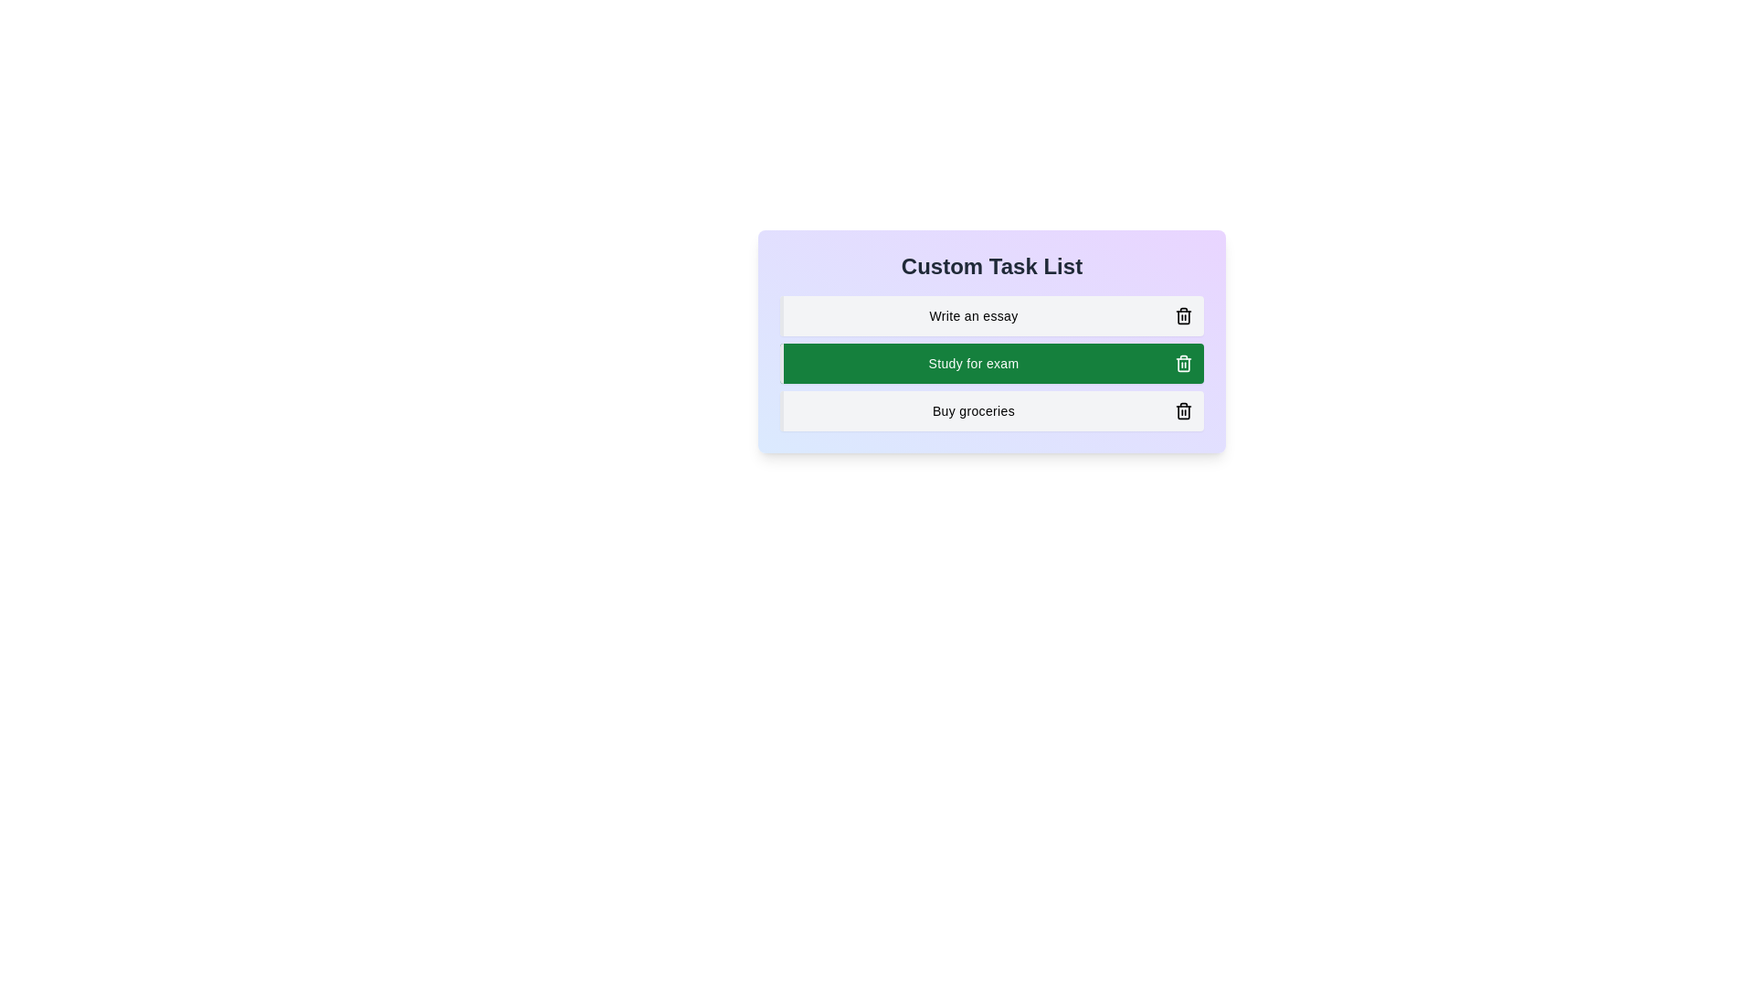 This screenshot has width=1754, height=987. I want to click on trash icon corresponding to the task 'Buy groceries' to delete it, so click(1184, 411).